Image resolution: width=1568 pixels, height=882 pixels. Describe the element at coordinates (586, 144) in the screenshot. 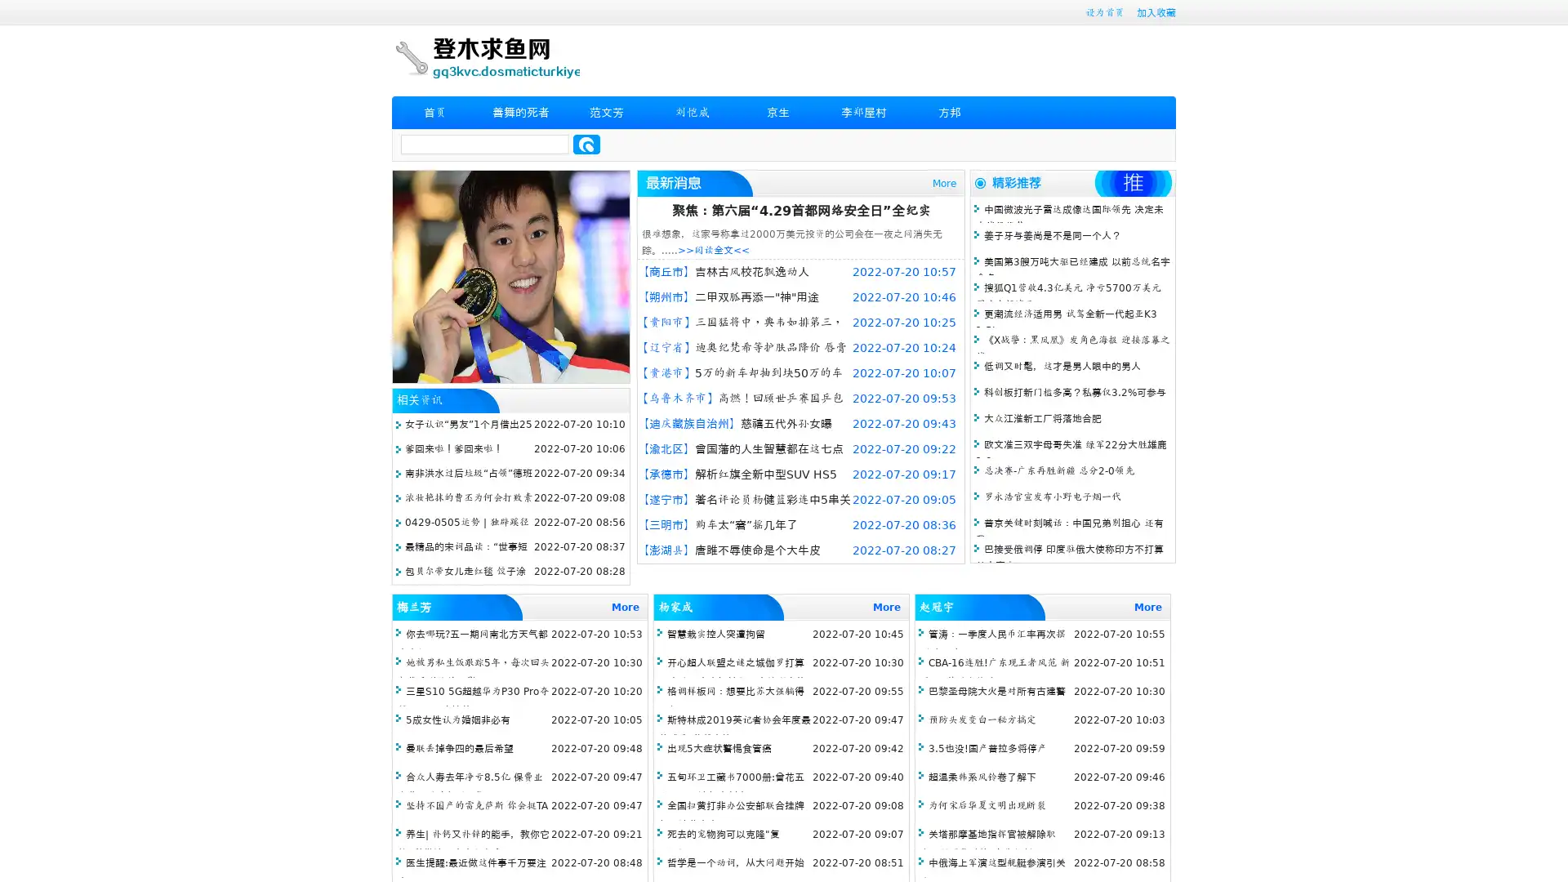

I see `Search` at that location.